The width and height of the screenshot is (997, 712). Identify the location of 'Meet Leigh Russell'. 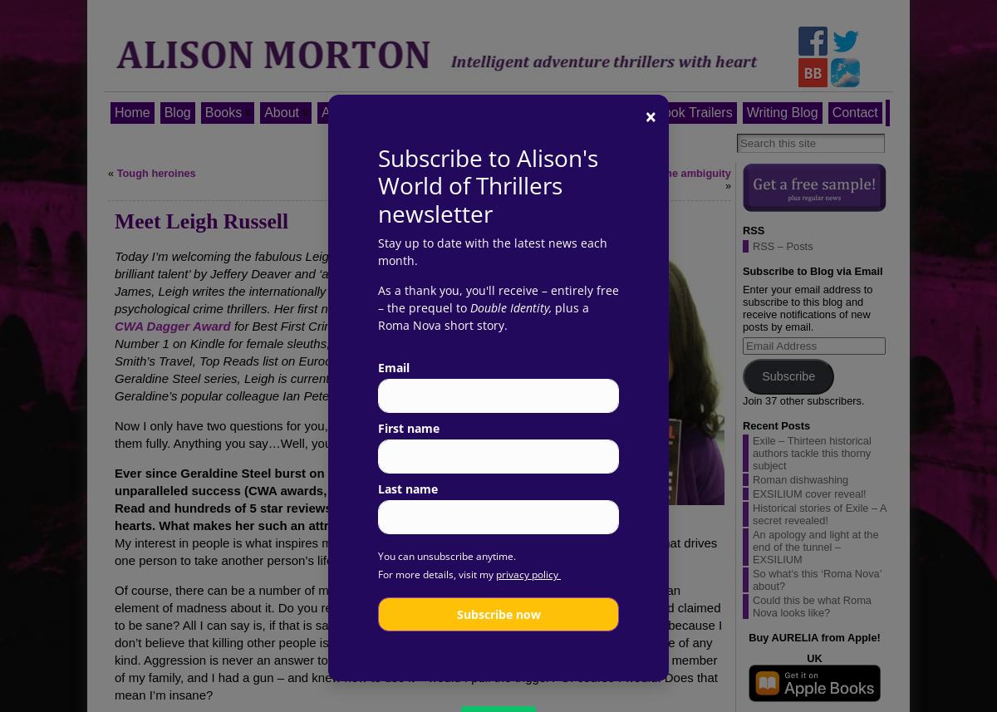
(200, 221).